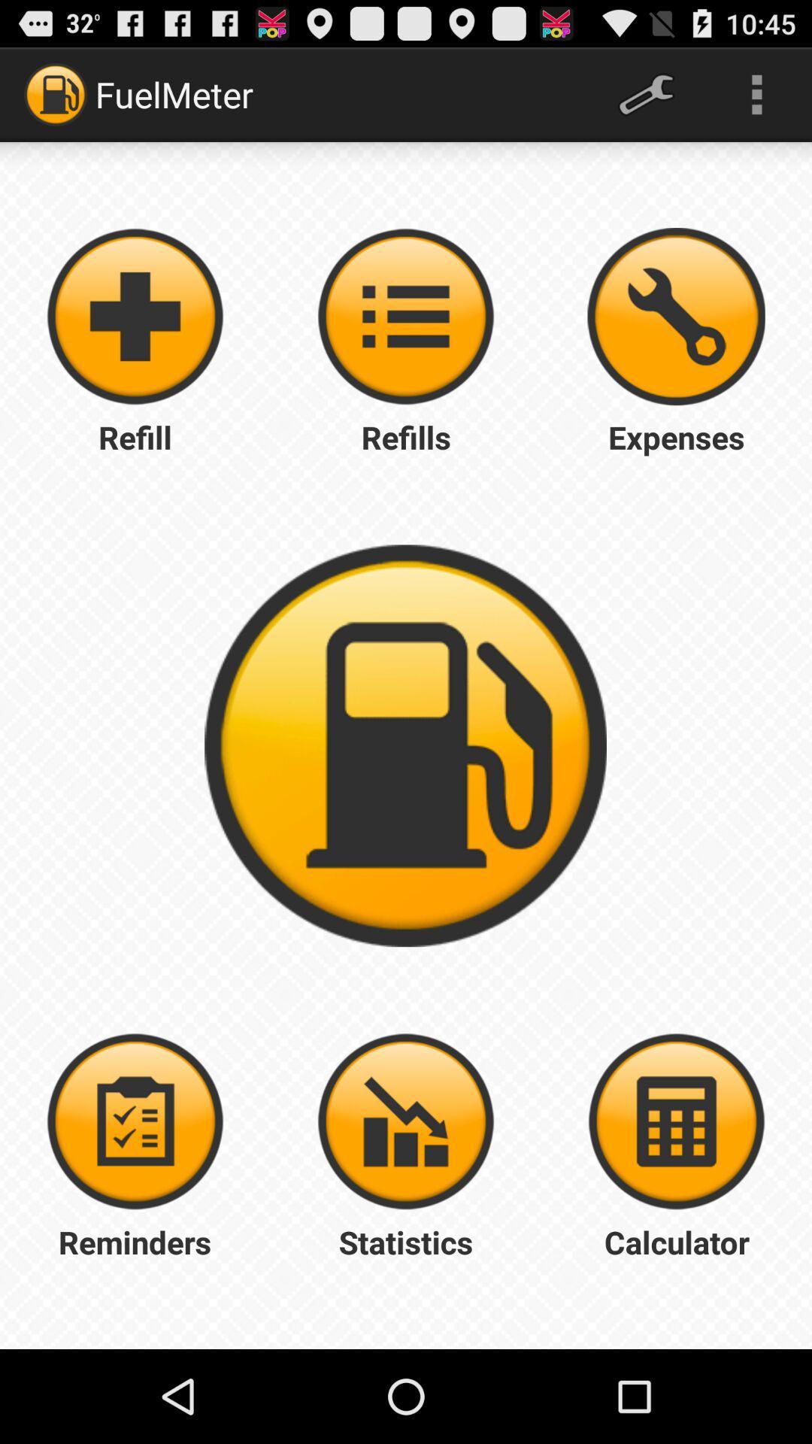 Image resolution: width=812 pixels, height=1444 pixels. I want to click on item to the right of fuelmeter, so click(645, 93).